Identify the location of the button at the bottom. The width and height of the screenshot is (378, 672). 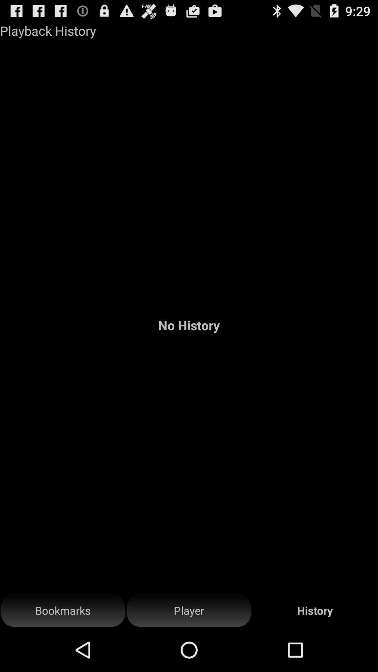
(189, 610).